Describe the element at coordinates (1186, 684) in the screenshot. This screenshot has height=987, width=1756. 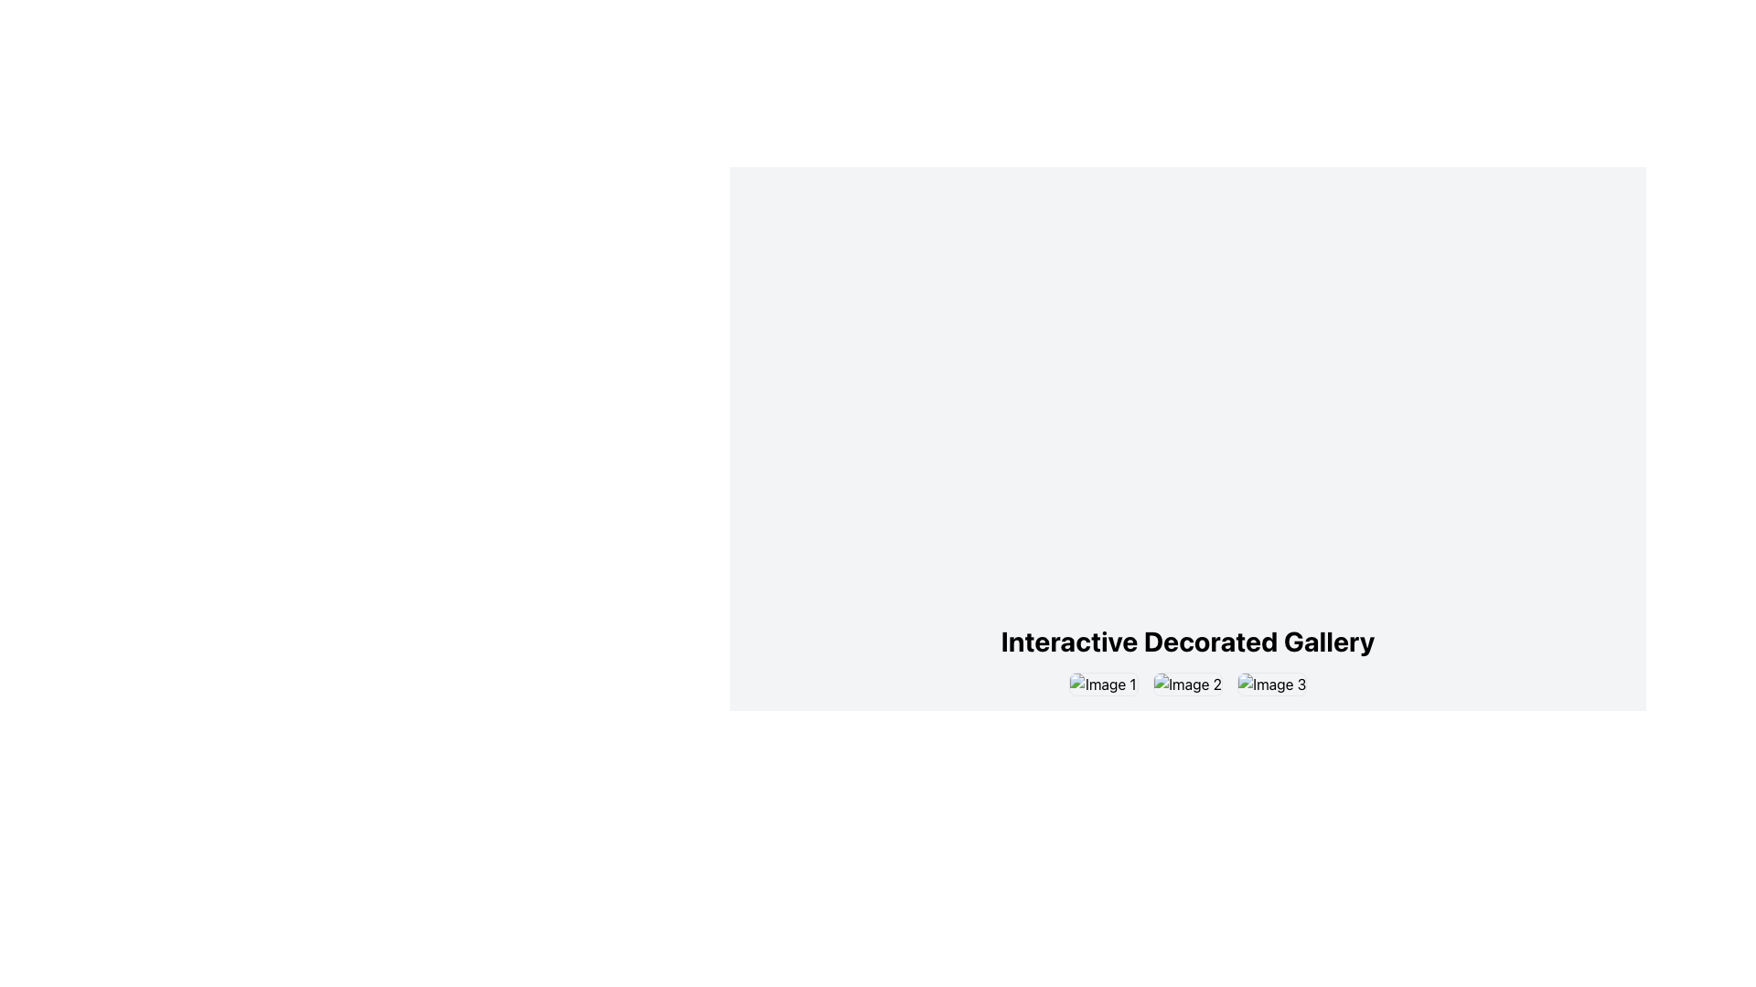
I see `the second grid cell of the 'Interactive Decorated Gallery' section, which contains a placeholder image and decorative elements` at that location.